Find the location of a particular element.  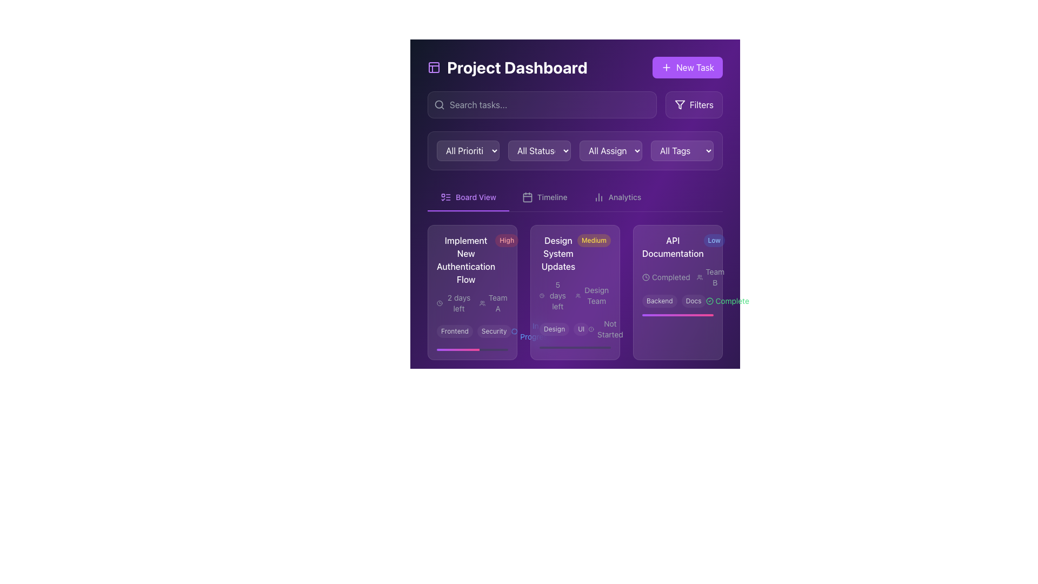

the 'New Task' button located in the top-right corner of the 'Project Dashboard', which has a purple background, white text, and a '+' icon to create a new task is located at coordinates (687, 67).